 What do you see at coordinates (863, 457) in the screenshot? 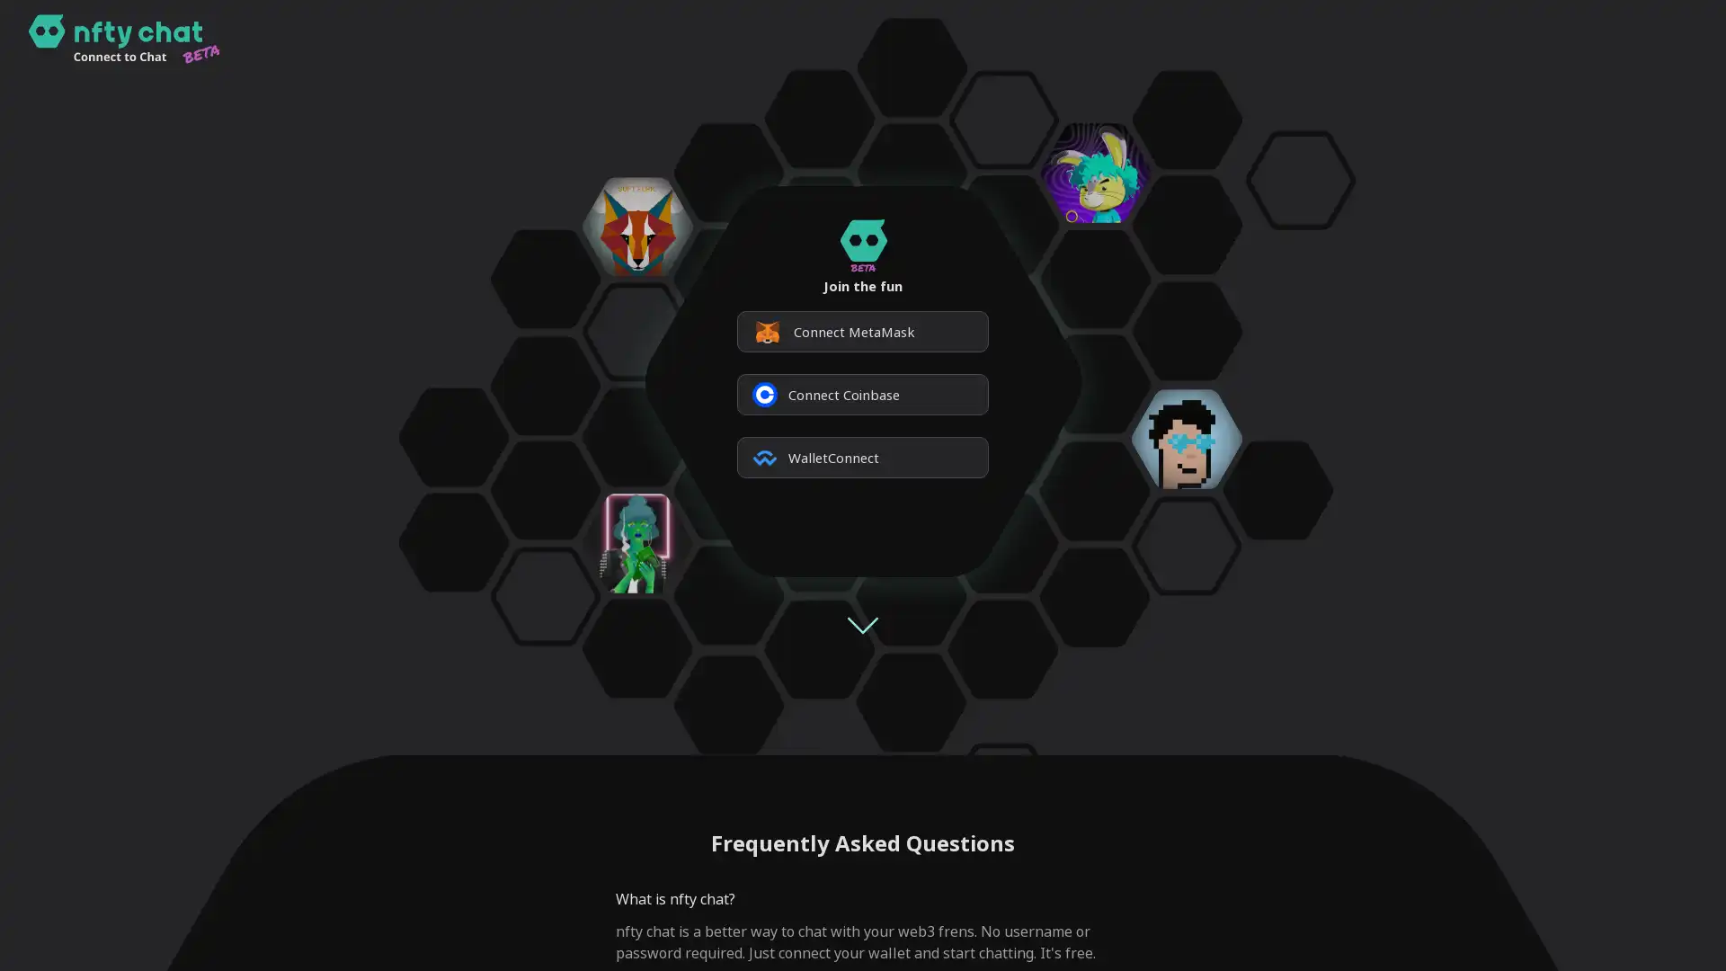
I see `Wallet Connect WalletConnect` at bounding box center [863, 457].